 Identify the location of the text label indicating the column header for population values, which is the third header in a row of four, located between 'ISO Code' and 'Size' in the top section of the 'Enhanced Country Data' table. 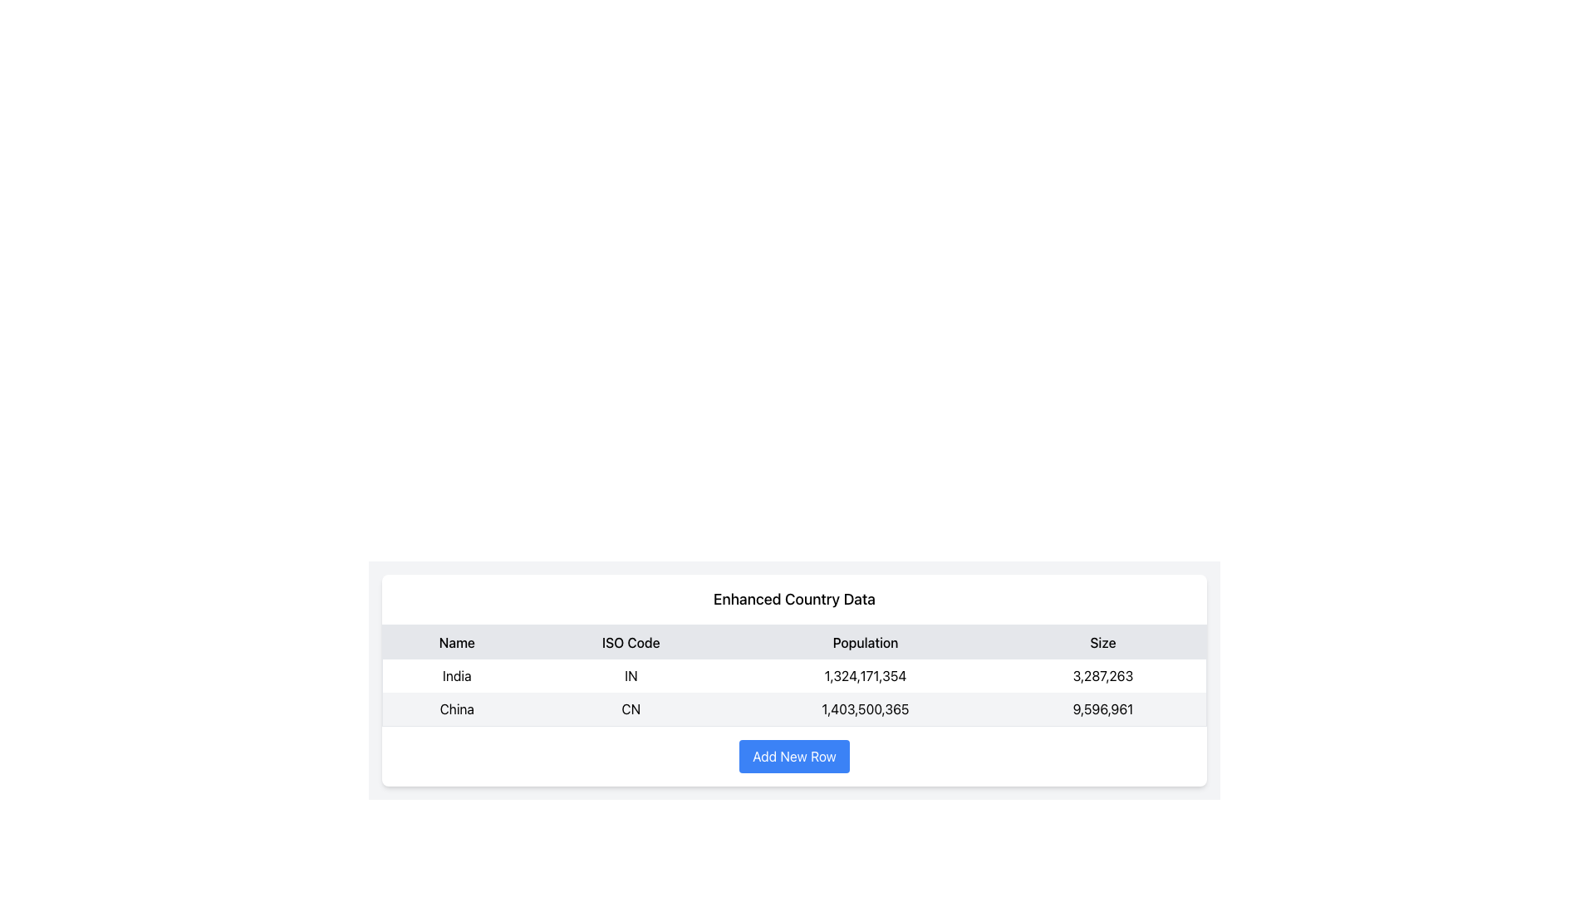
(864, 641).